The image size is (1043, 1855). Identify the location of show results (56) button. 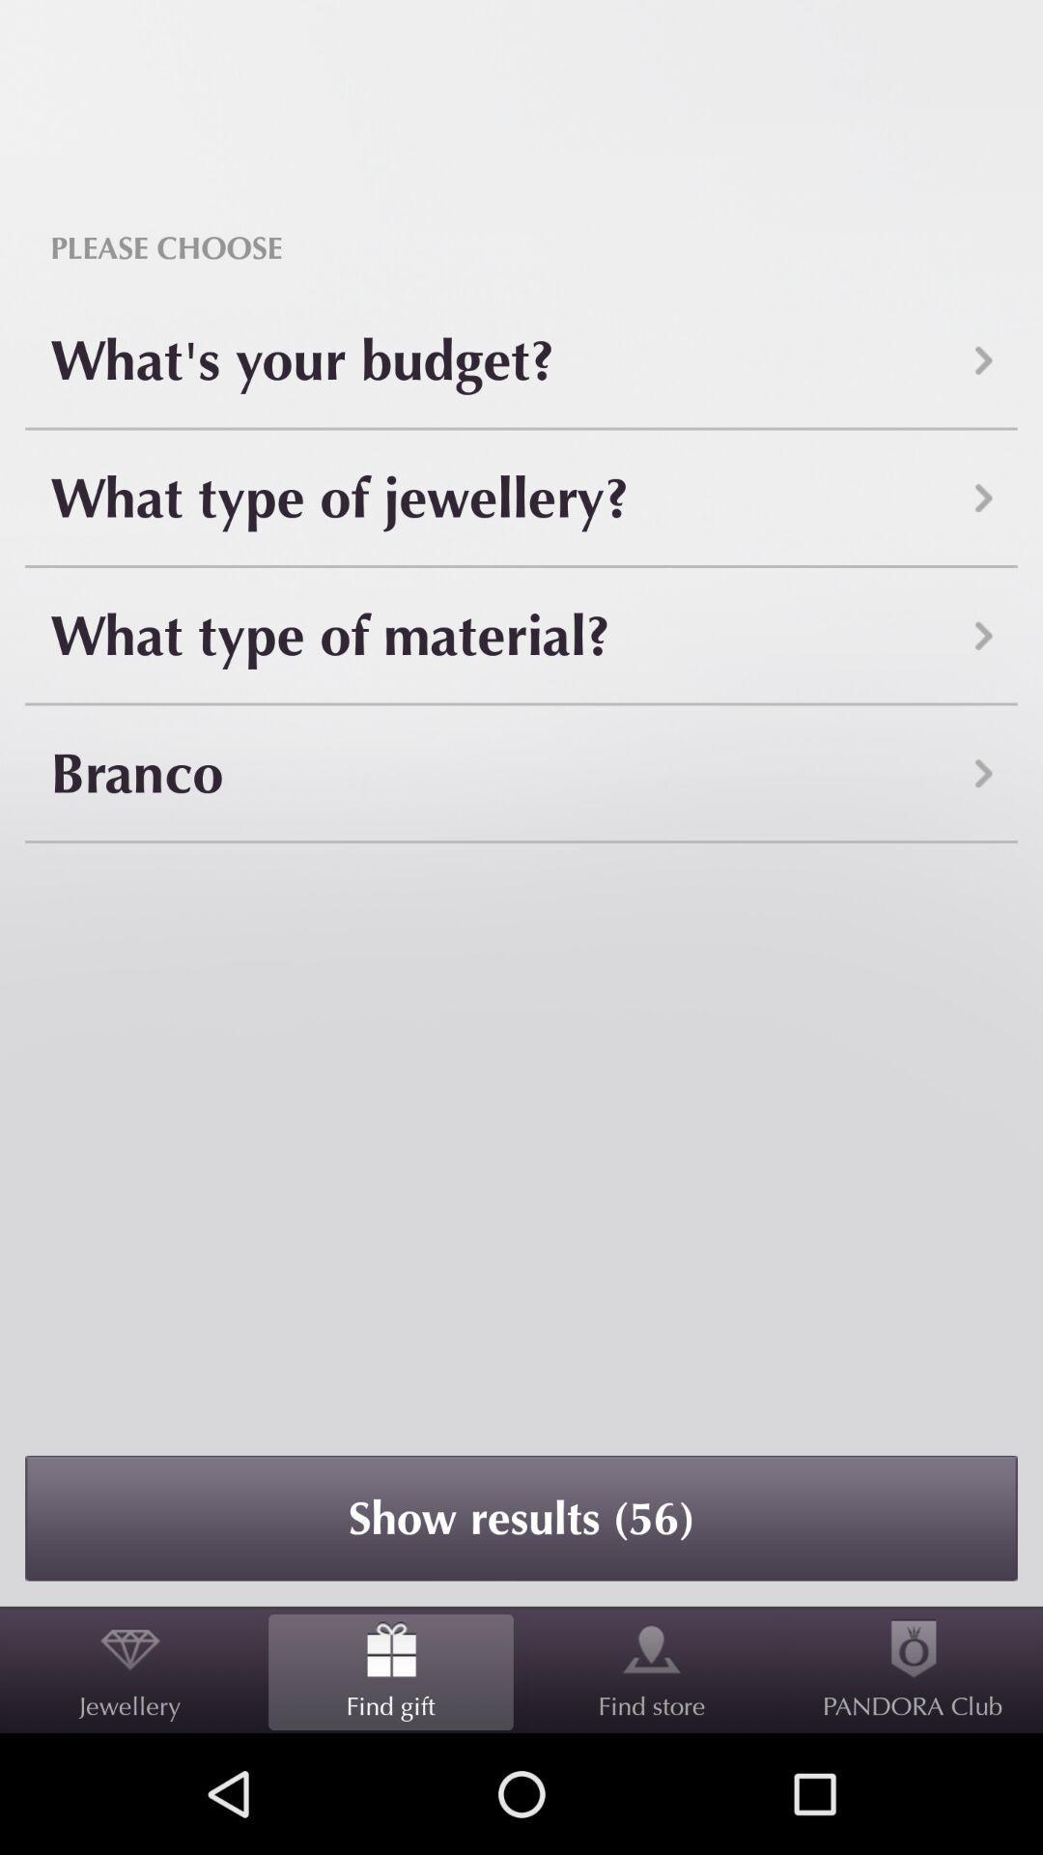
(521, 1517).